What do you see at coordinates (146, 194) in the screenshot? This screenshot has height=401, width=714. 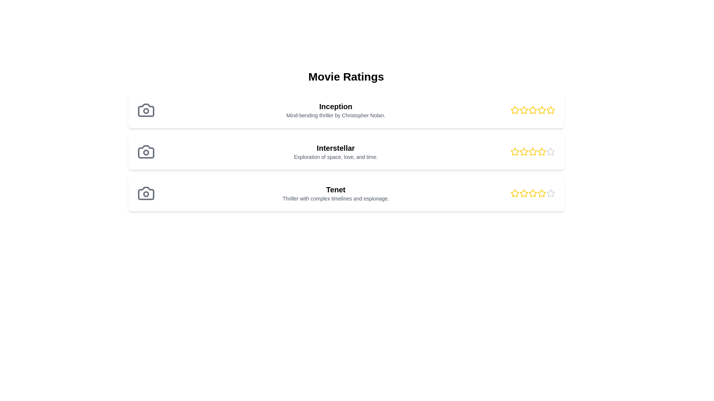 I see `the lens portion of the third camera icon from the top, which is located to the left of the 'Tenet' movie entry` at bounding box center [146, 194].